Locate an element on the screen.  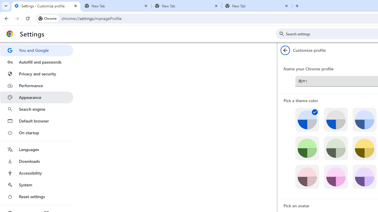
'You and Google' is located at coordinates (36, 50).